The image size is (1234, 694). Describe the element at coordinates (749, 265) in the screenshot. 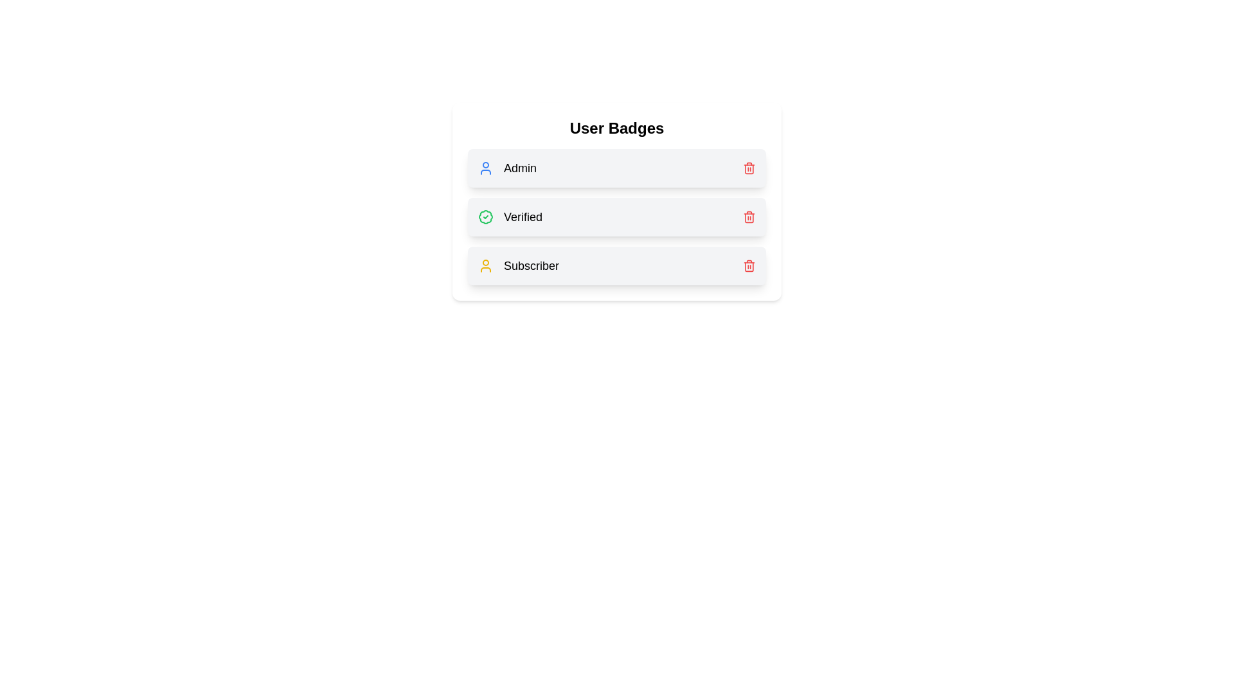

I see `the 'Trash' button to remove a badge identified by its name: Subscriber` at that location.